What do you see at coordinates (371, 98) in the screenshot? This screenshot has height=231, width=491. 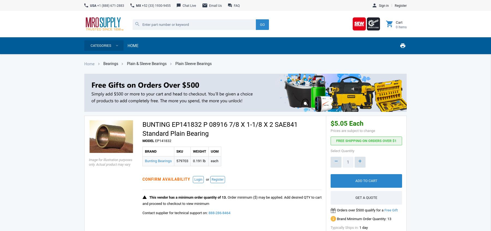 I see `'PAY WITH PO'` at bounding box center [371, 98].